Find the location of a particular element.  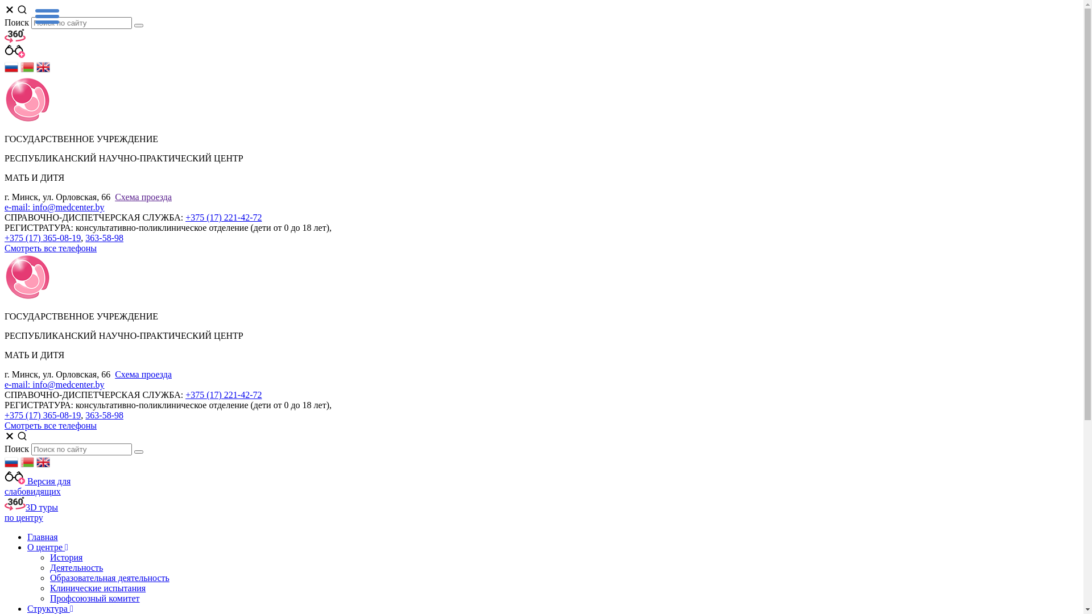

'English' is located at coordinates (43, 70).